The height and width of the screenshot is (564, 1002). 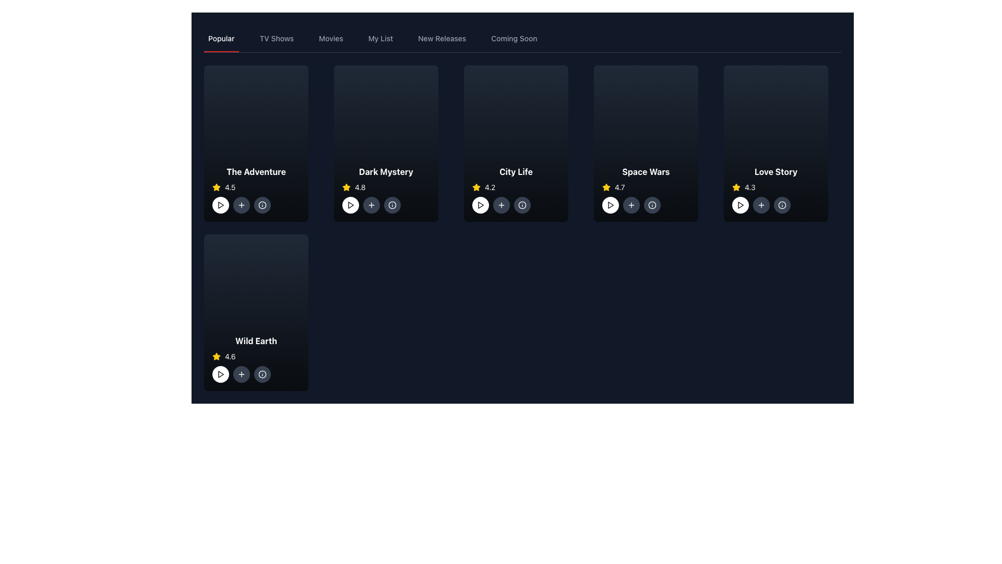 What do you see at coordinates (371, 205) in the screenshot?
I see `the small, white plus icon button with a dark gray background located in the 'Dark Mystery' card, which is the second button from the left in the bottom action button row of the card` at bounding box center [371, 205].